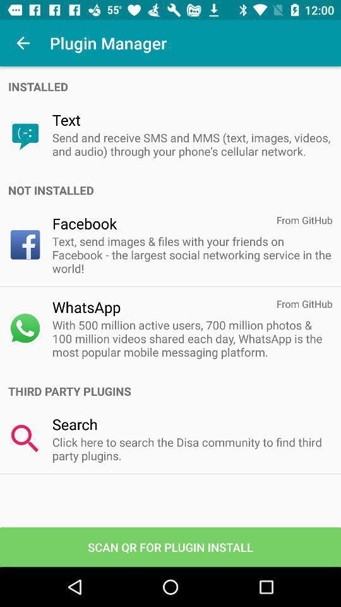 The width and height of the screenshot is (341, 607). Describe the element at coordinates (191, 449) in the screenshot. I see `click here to item` at that location.